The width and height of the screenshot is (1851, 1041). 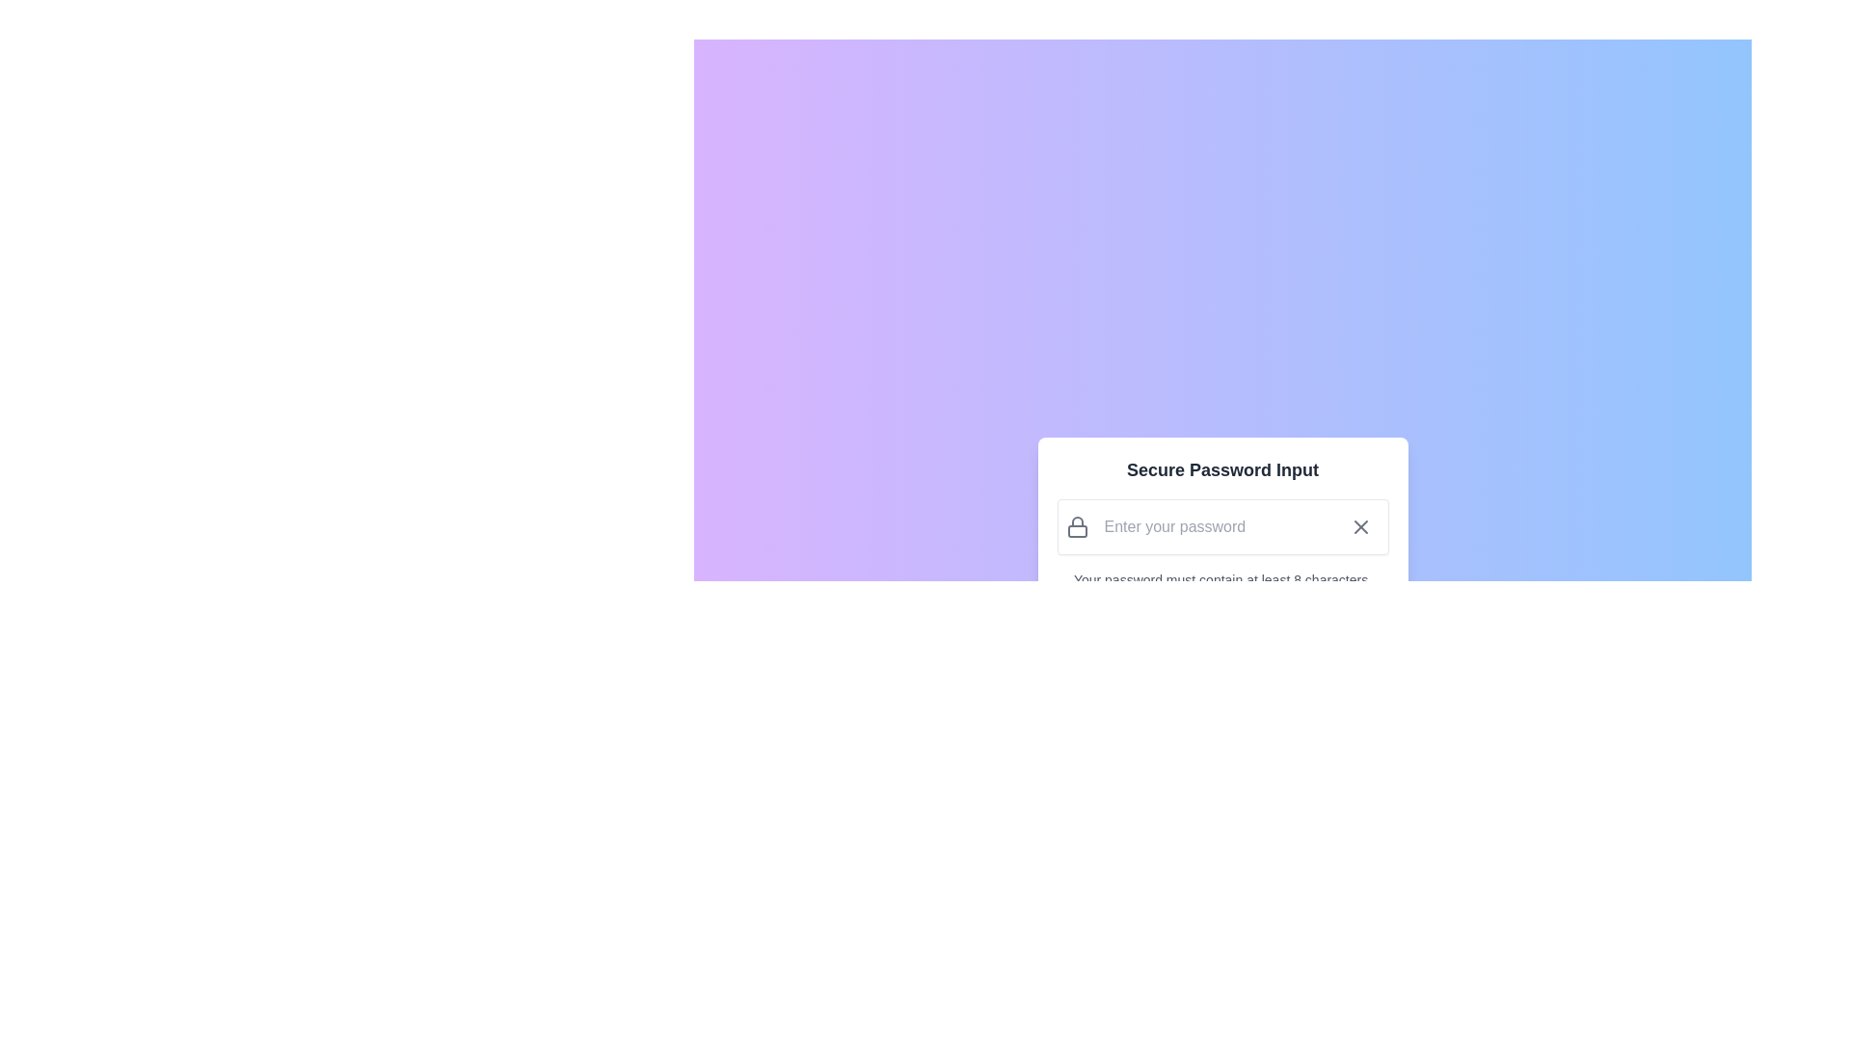 What do you see at coordinates (1359, 527) in the screenshot?
I see `the circular 'X' icon in dark gray to clear the associated password input field` at bounding box center [1359, 527].